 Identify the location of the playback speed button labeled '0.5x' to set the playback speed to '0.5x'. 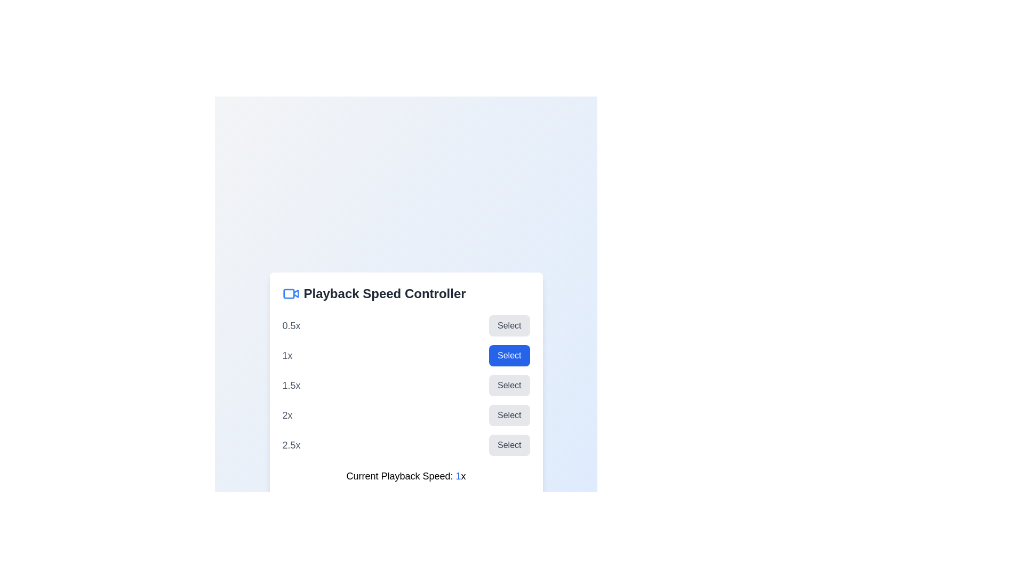
(509, 325).